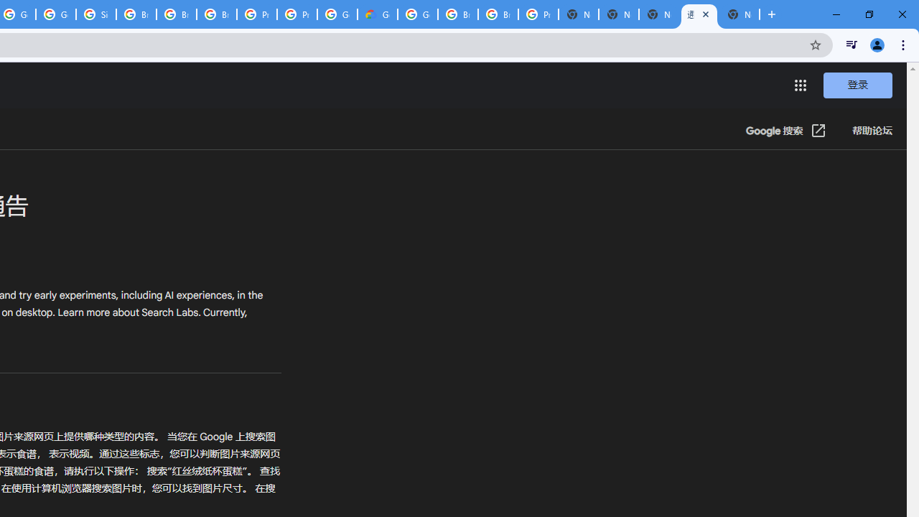 Image resolution: width=919 pixels, height=517 pixels. Describe the element at coordinates (417, 14) in the screenshot. I see `'Google Cloud Platform'` at that location.